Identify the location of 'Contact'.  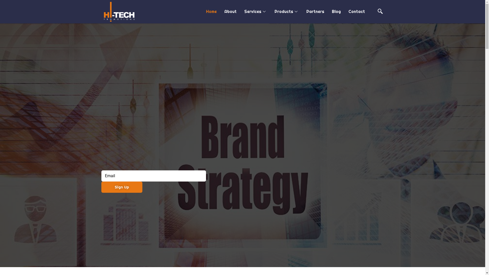
(356, 11).